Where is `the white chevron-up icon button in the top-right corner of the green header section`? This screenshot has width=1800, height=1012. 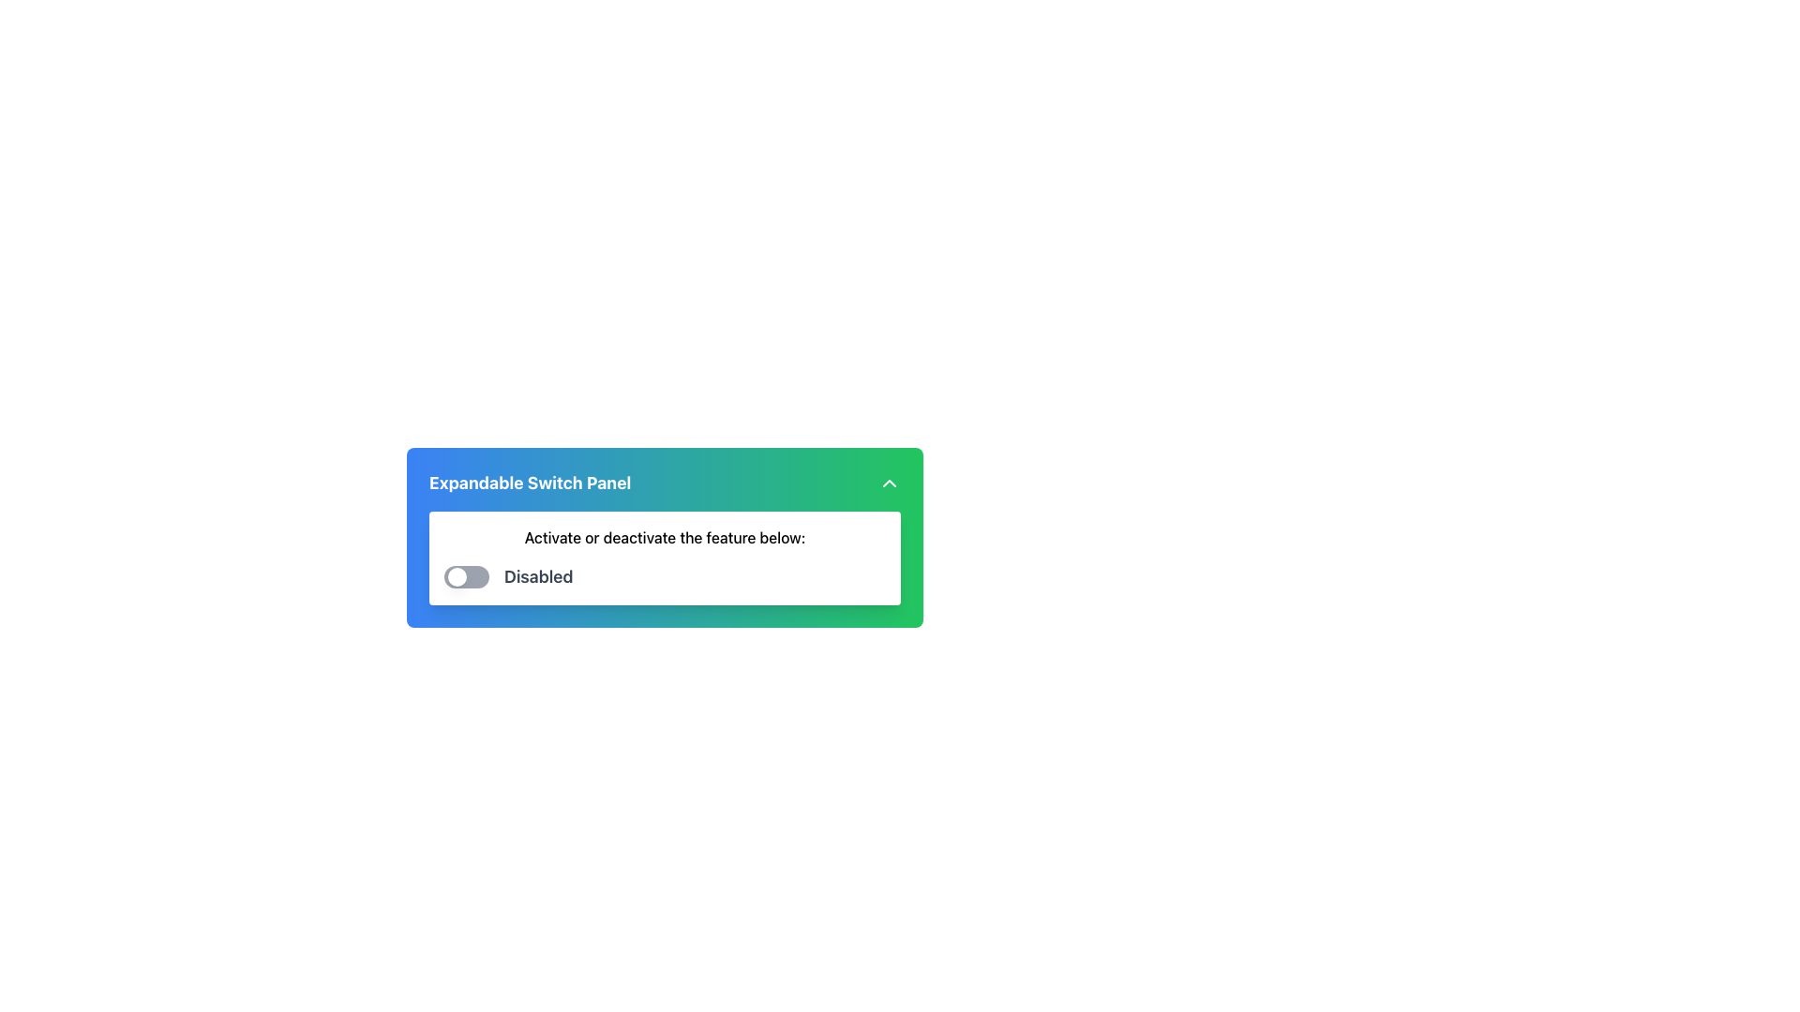
the white chevron-up icon button in the top-right corner of the green header section is located at coordinates (889, 483).